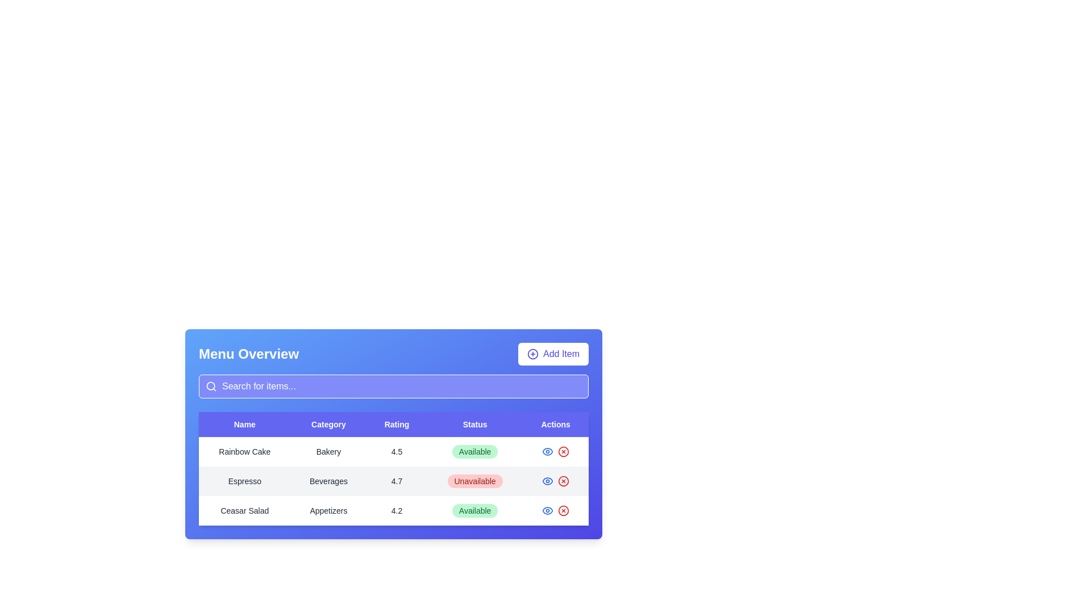 This screenshot has height=613, width=1091. I want to click on the button located in the second row of the 'Actions' column next to the eye icon, so click(564, 481).